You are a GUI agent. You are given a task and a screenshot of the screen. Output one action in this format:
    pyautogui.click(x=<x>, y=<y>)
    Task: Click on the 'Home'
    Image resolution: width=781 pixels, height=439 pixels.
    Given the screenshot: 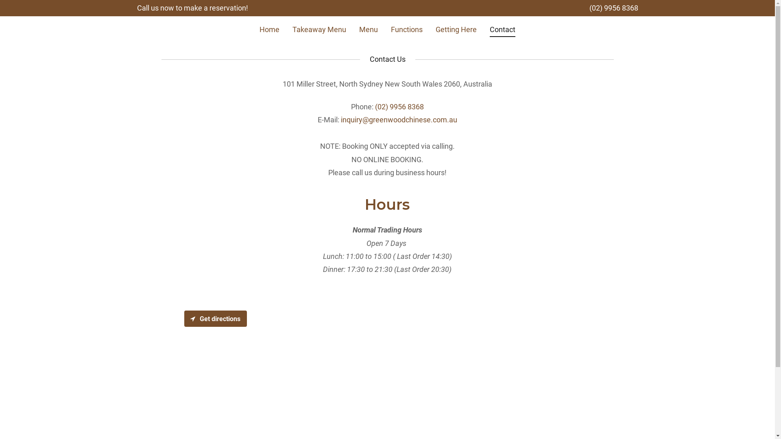 What is the action you would take?
    pyautogui.click(x=269, y=29)
    